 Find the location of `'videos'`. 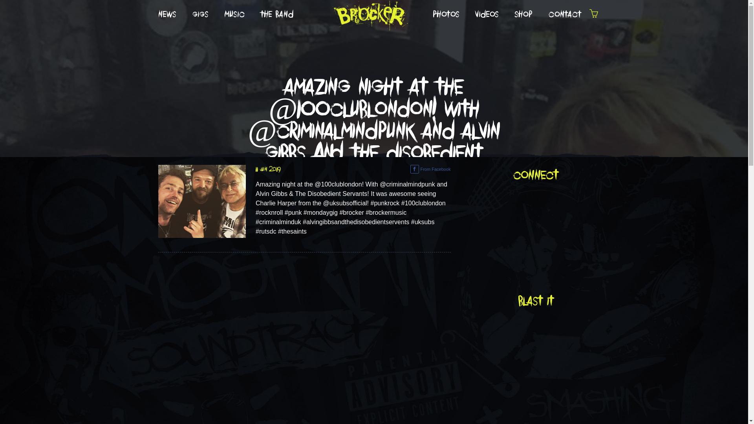

'videos' is located at coordinates (467, 15).